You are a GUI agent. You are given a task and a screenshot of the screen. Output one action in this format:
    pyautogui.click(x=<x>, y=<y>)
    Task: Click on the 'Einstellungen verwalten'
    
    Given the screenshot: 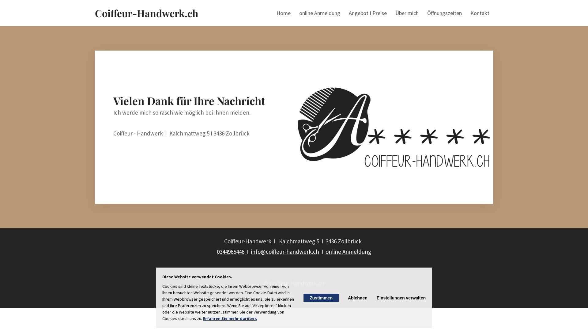 What is the action you would take?
    pyautogui.click(x=401, y=297)
    